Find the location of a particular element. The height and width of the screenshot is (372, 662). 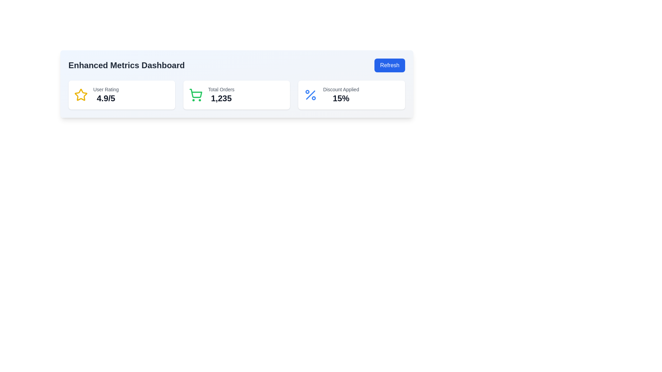

the star-shaped icon with a hollow center styled in yellow, located to the left of the text 'User Rating 4.9/5' in the 'User Rating' card on the Enhanced Metrics Dashboard is located at coordinates (81, 95).